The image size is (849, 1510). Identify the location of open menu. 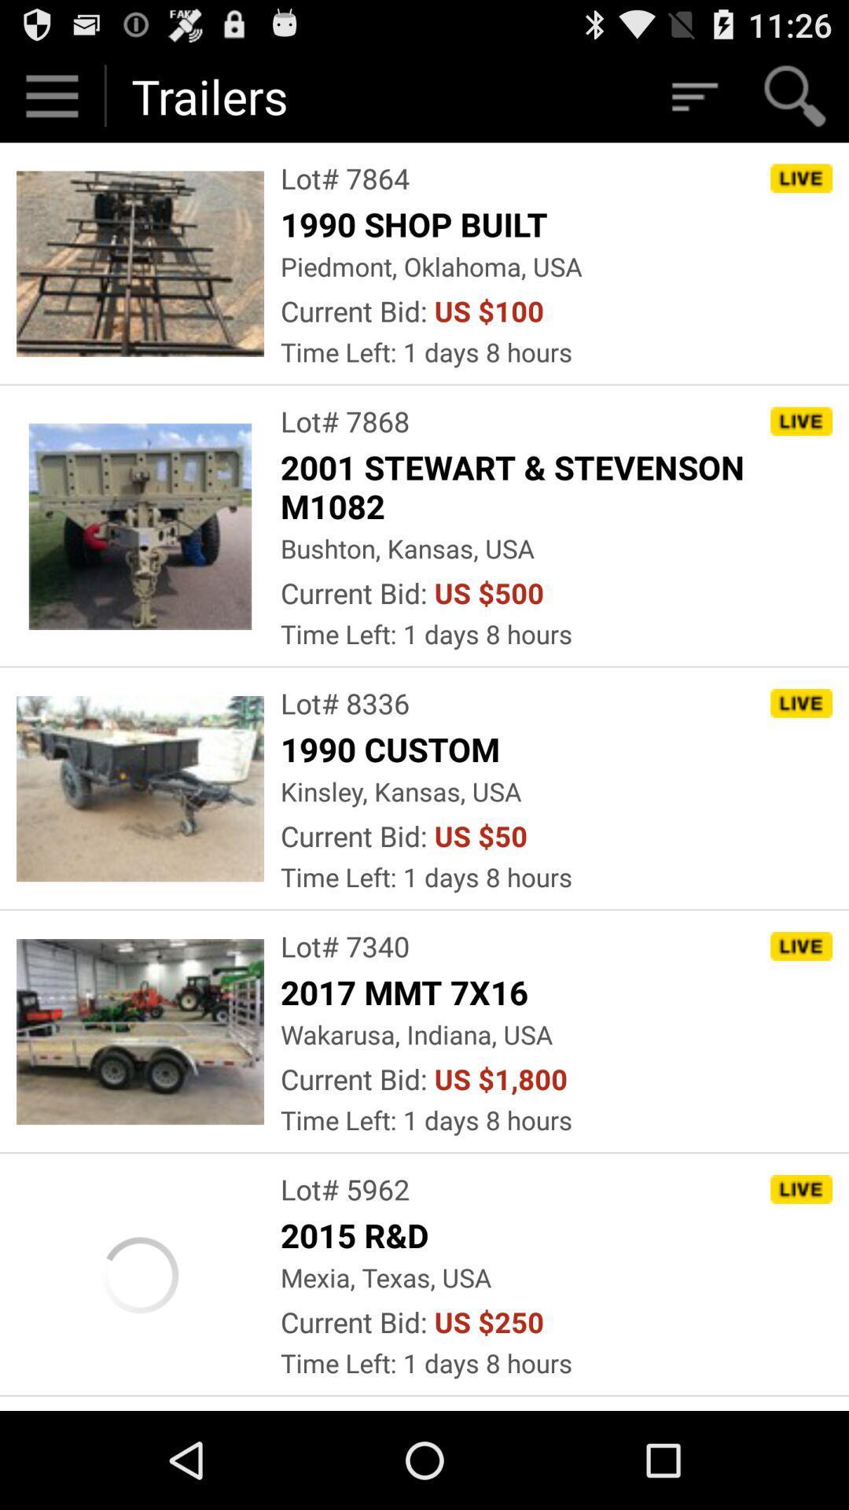
(51, 95).